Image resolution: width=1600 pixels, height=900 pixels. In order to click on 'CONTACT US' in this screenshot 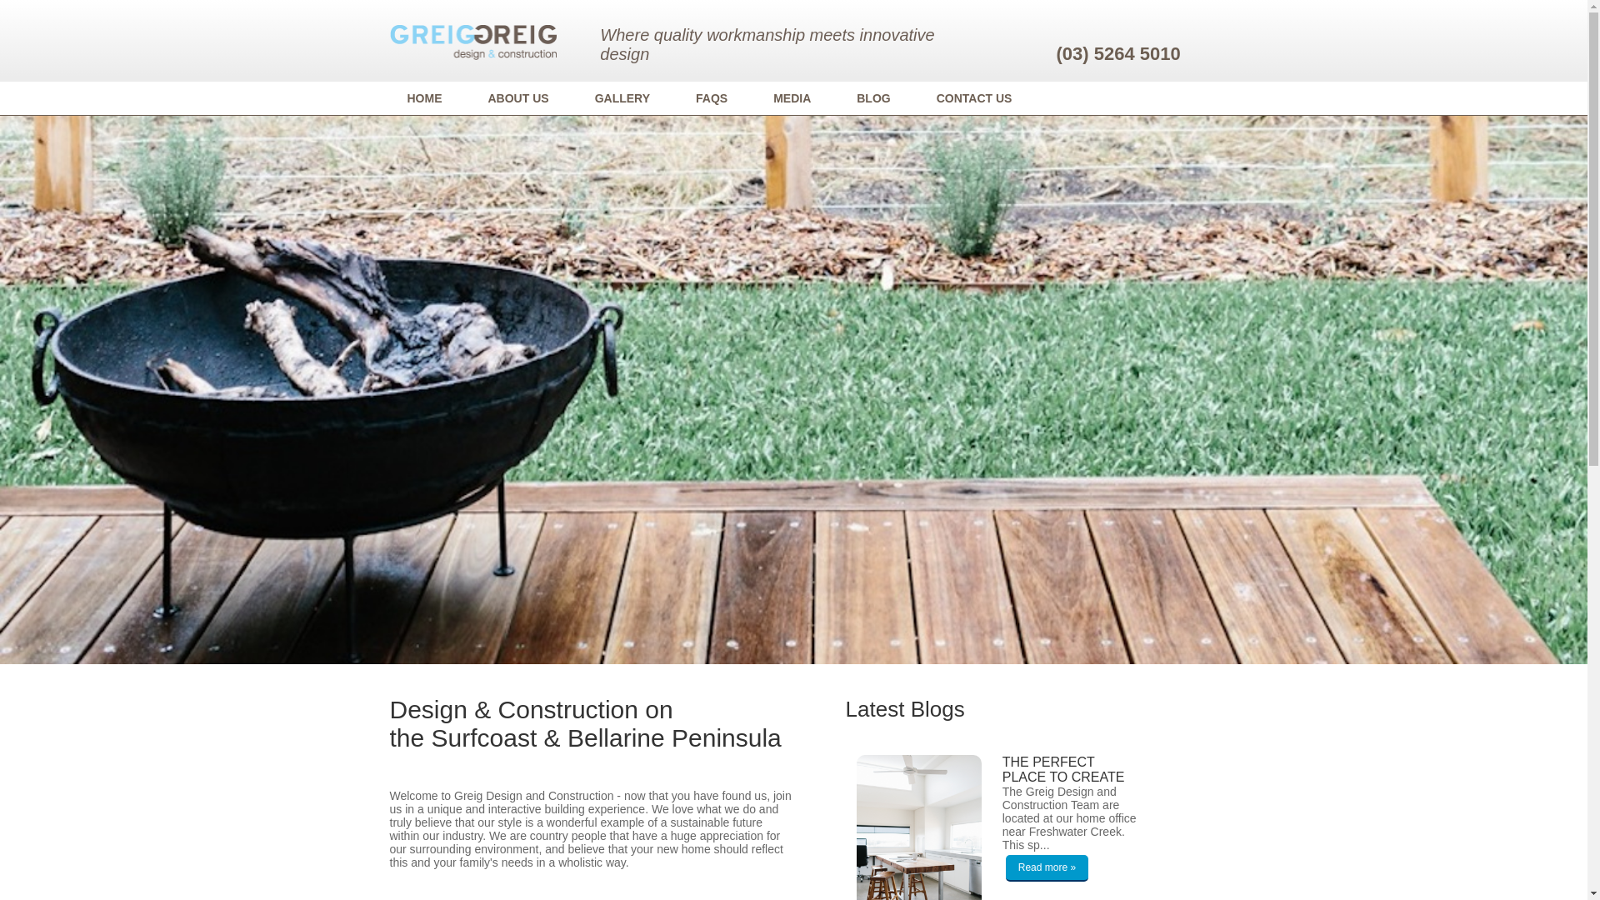, I will do `click(979, 98)`.